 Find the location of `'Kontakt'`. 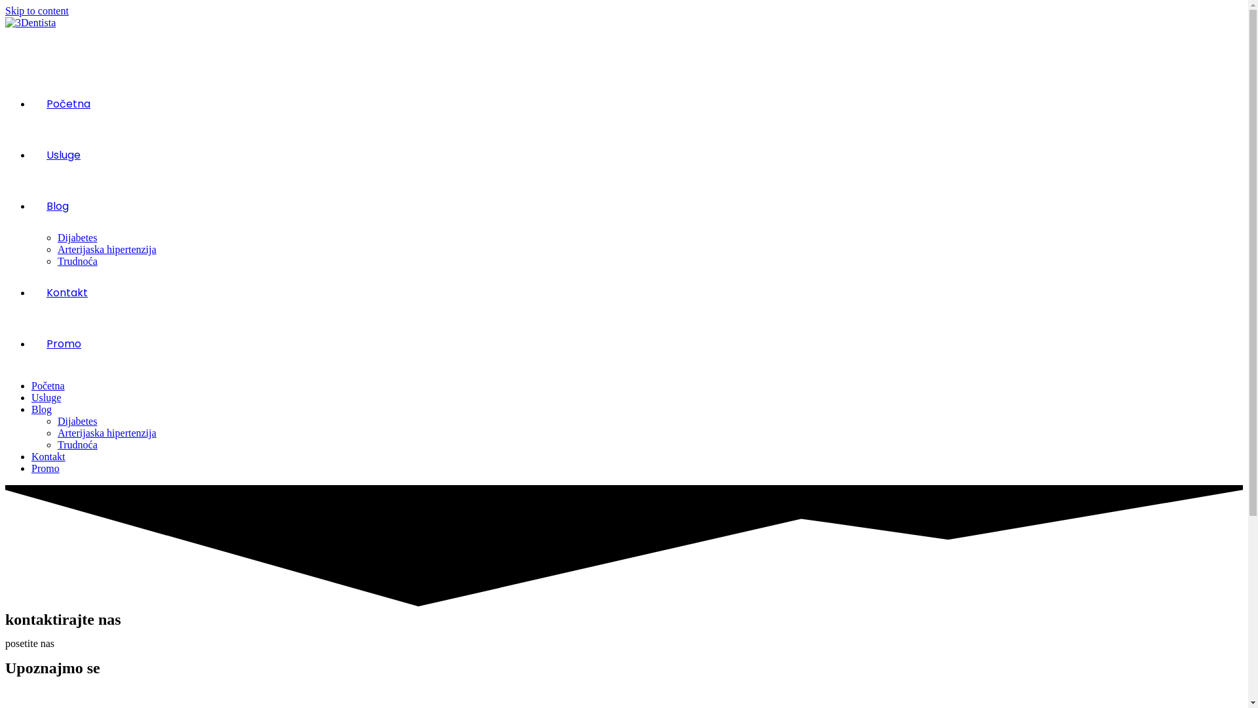

'Kontakt' is located at coordinates (66, 292).